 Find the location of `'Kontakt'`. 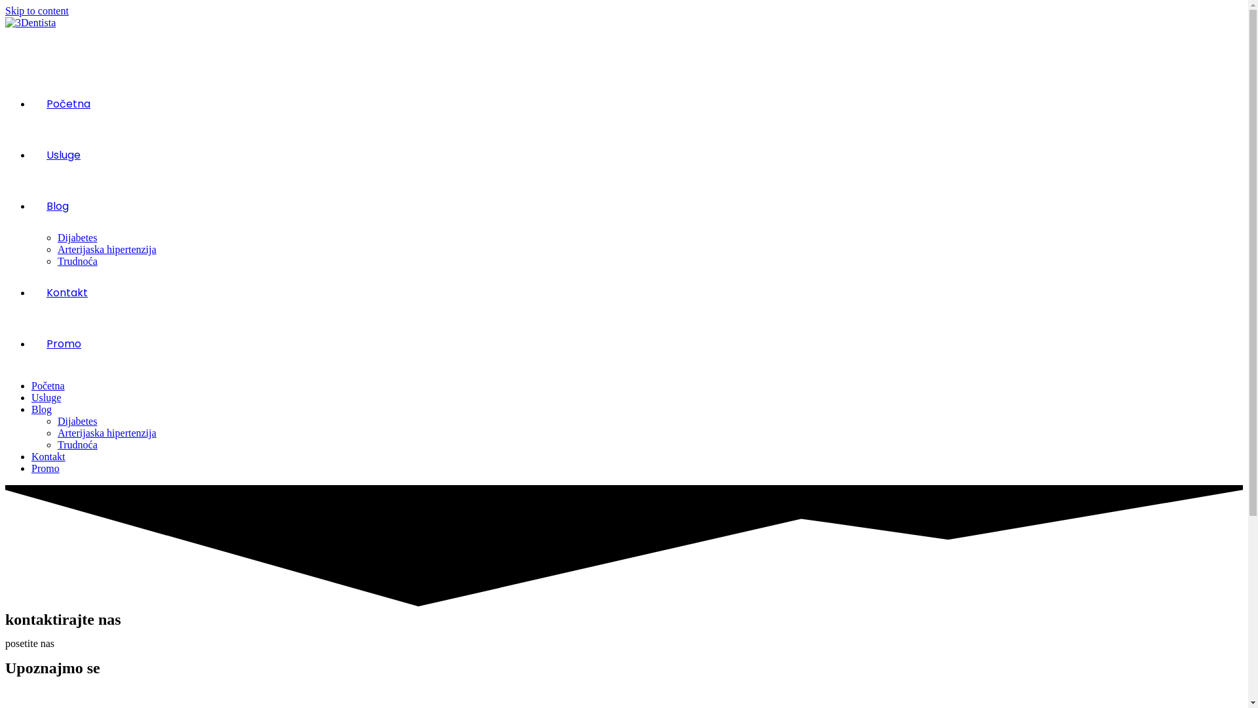

'Kontakt' is located at coordinates (66, 292).